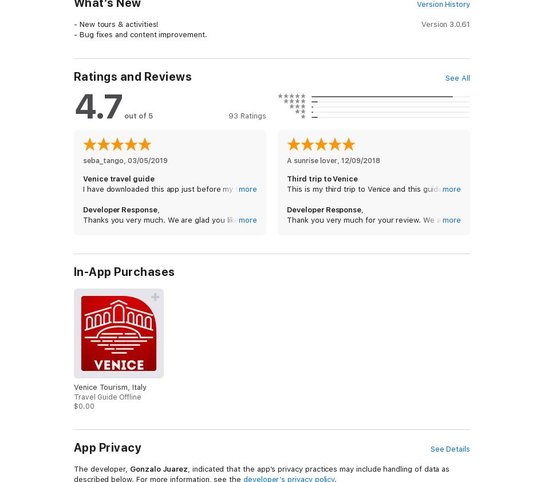 The height and width of the screenshot is (482, 544). Describe the element at coordinates (450, 449) in the screenshot. I see `'See Details'` at that location.